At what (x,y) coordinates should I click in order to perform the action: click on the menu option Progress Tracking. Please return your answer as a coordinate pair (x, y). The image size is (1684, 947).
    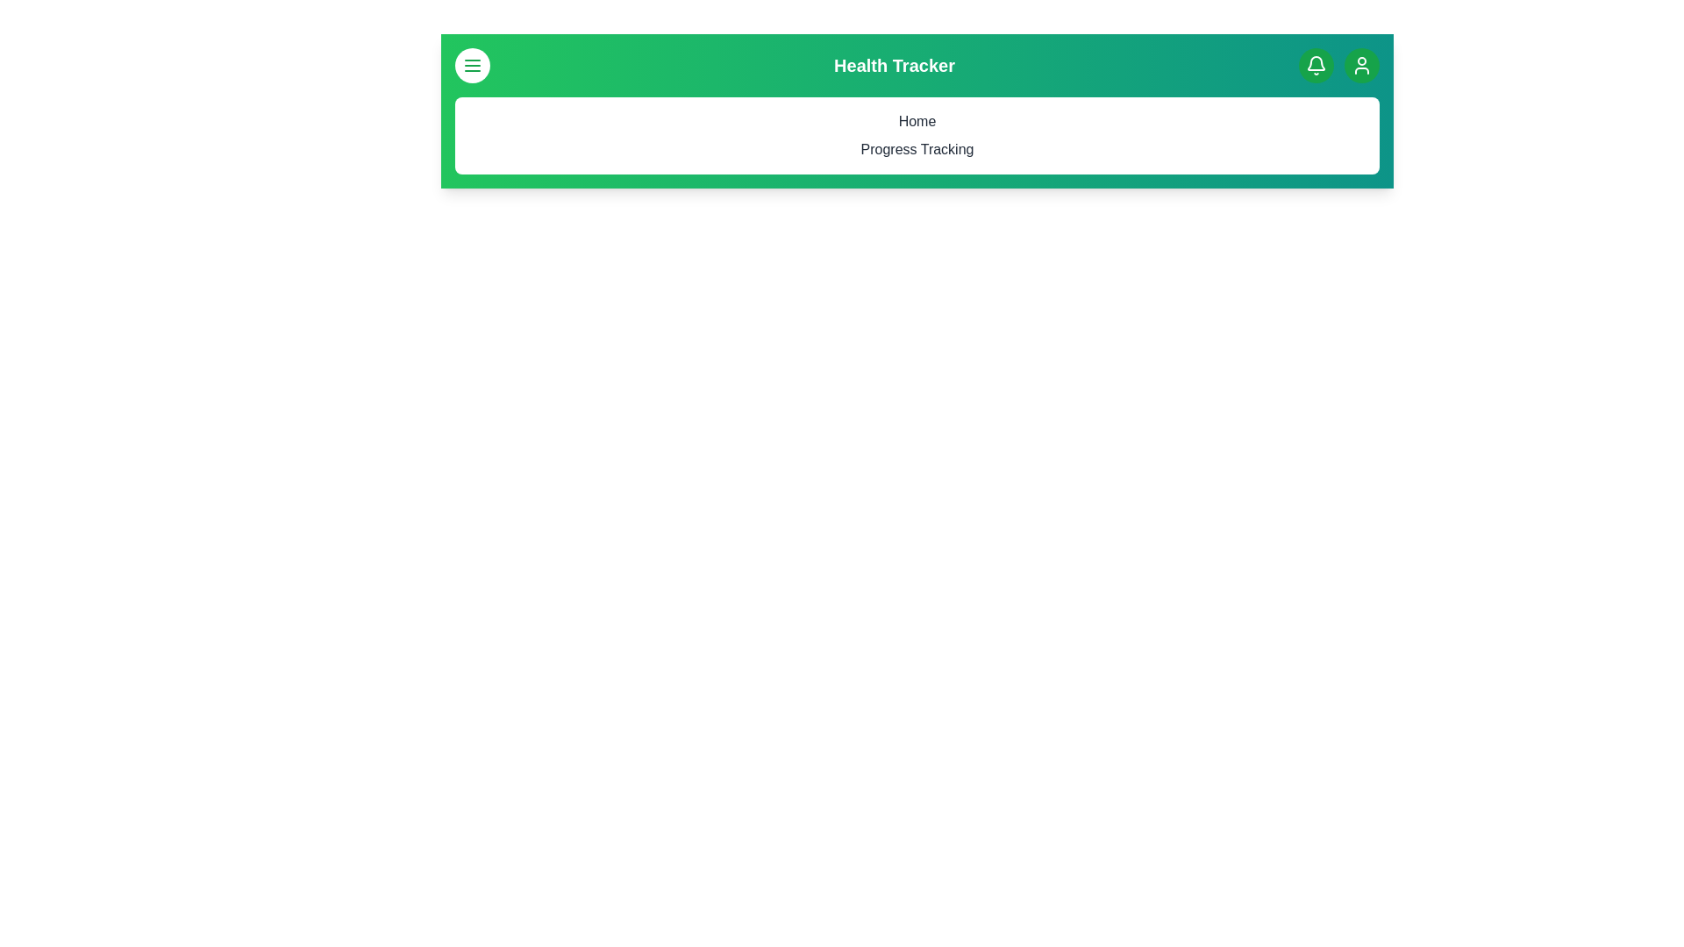
    Looking at the image, I should click on (917, 148).